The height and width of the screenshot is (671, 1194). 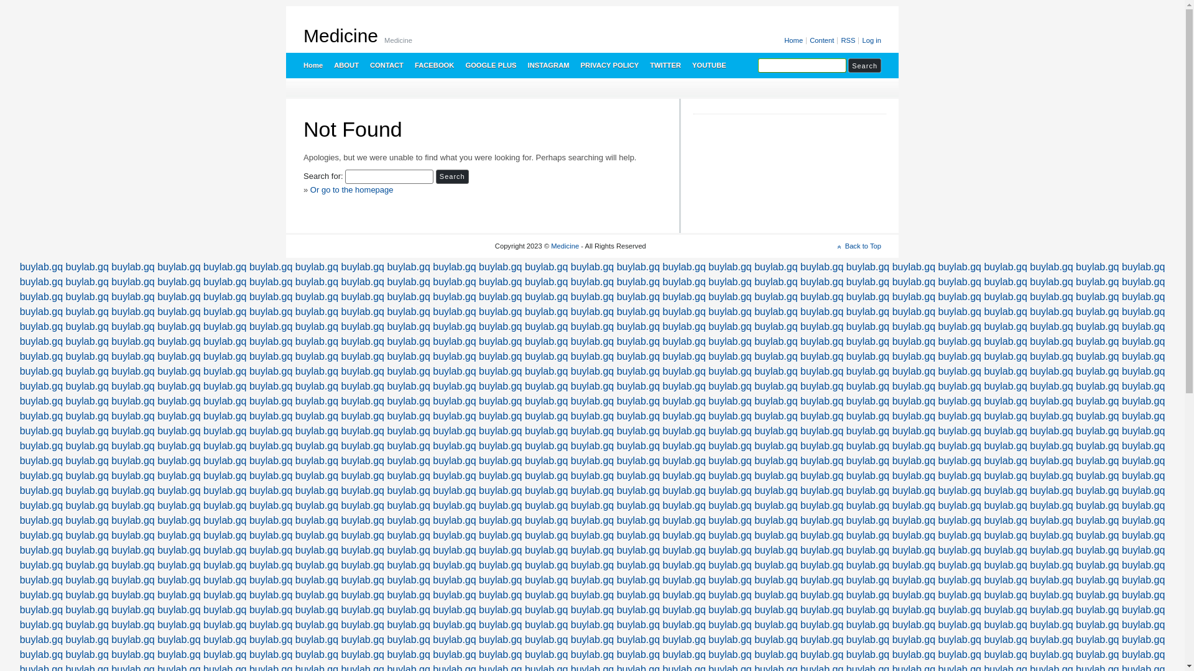 I want to click on 'ABOUT', so click(x=346, y=65).